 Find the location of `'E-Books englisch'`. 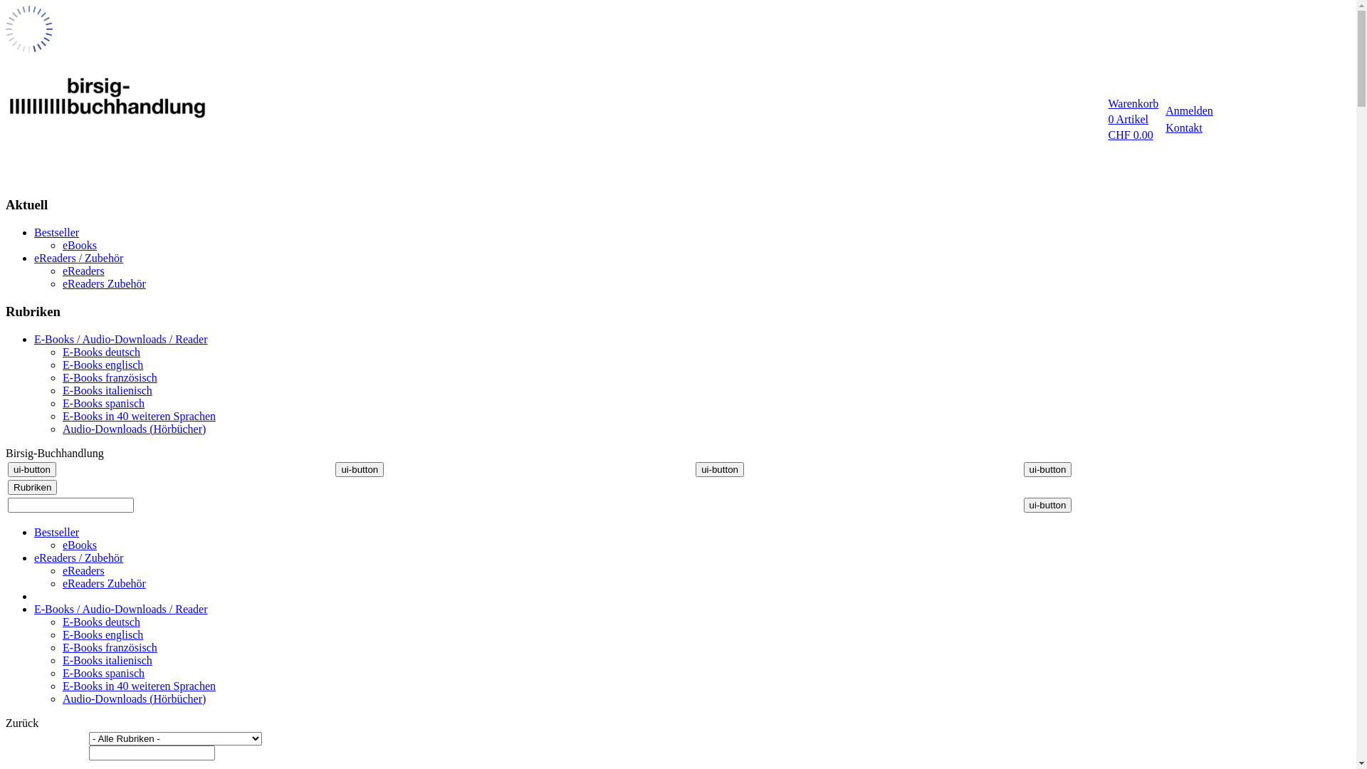

'E-Books englisch' is located at coordinates (102, 364).